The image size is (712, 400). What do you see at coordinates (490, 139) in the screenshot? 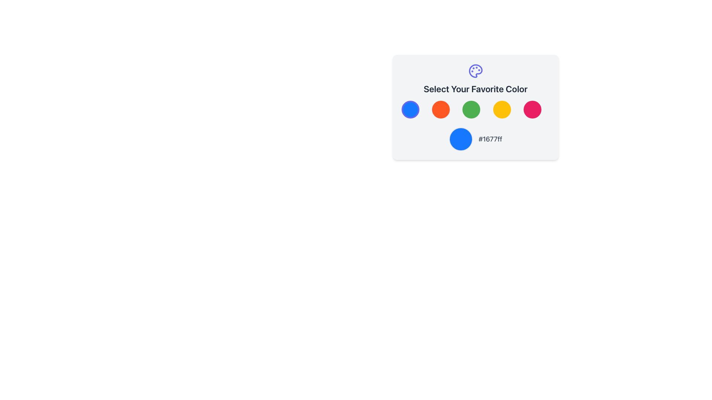
I see `the Text Label displaying the color code '#1677ff' which is located to the right of a blue circle in a card-like interface` at bounding box center [490, 139].